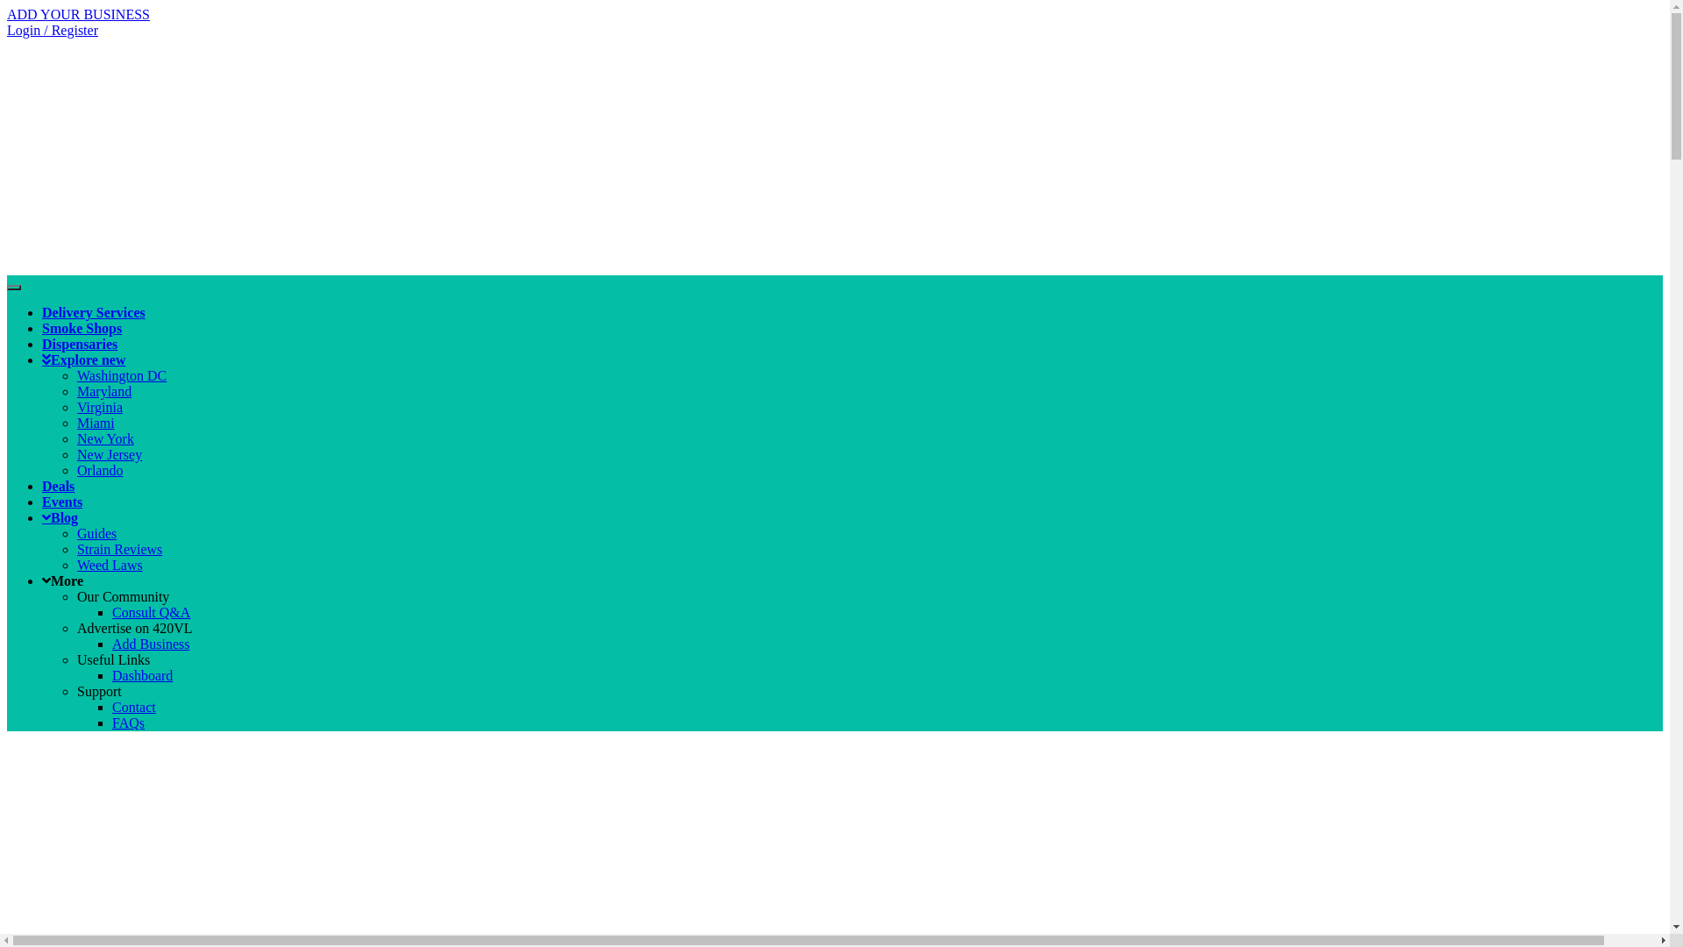  What do you see at coordinates (75, 659) in the screenshot?
I see `'Useful Links'` at bounding box center [75, 659].